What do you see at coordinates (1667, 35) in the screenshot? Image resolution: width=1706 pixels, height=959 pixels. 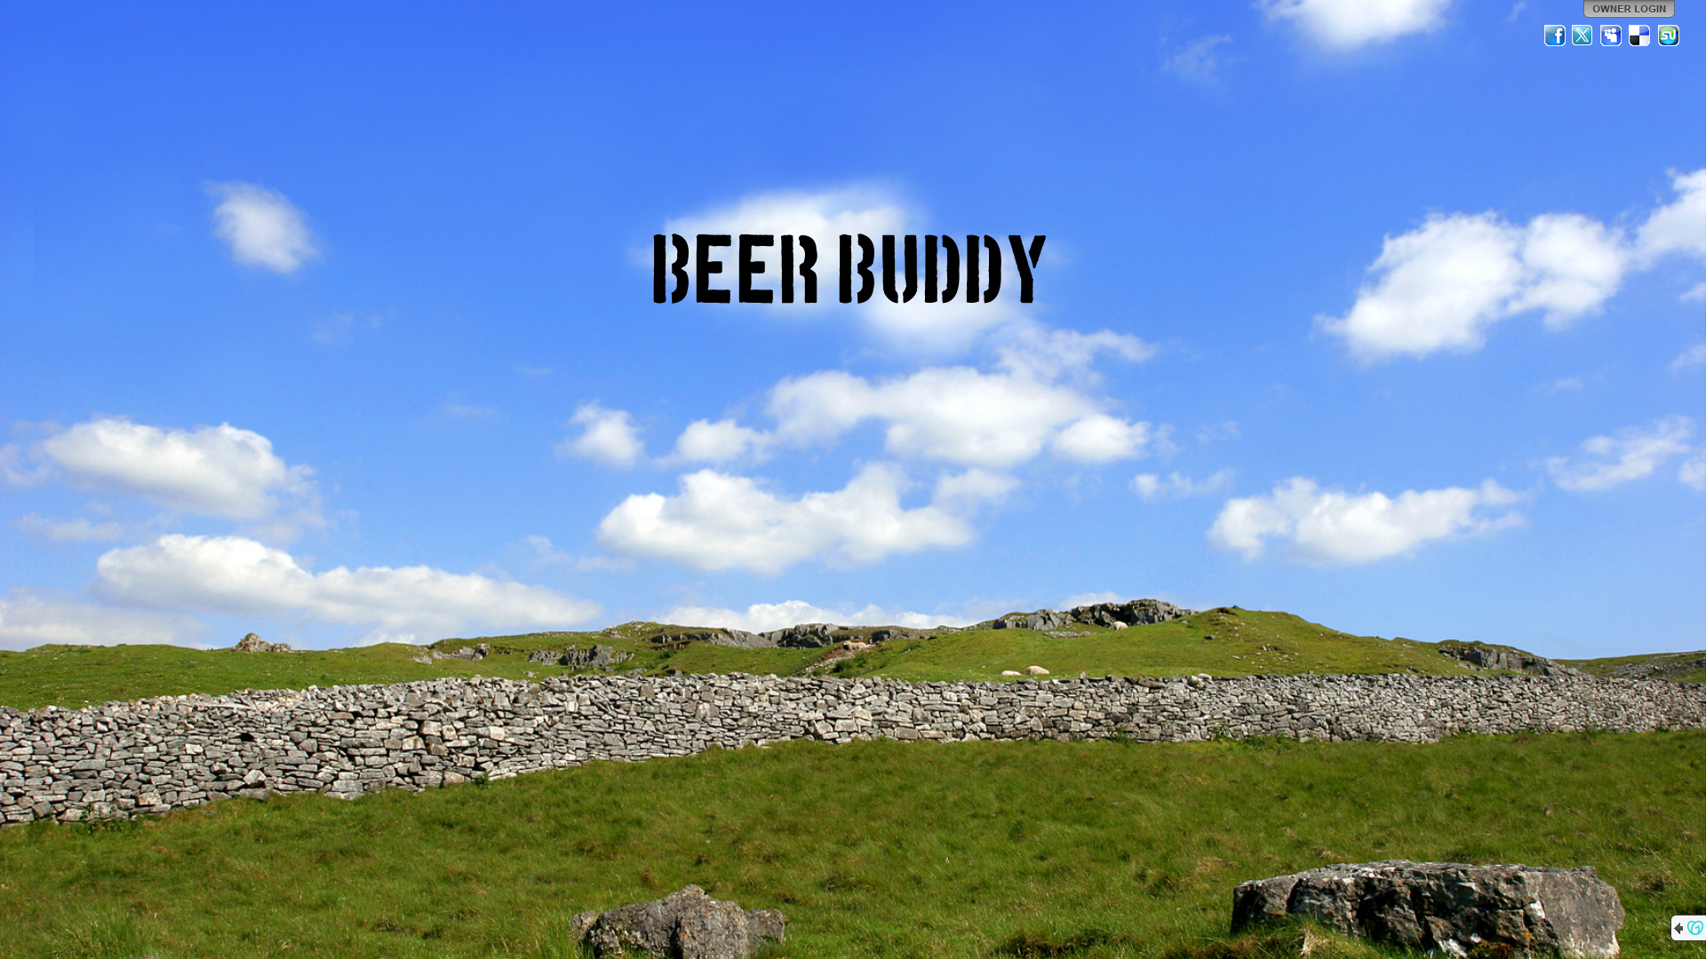 I see `'StumbleUpon'` at bounding box center [1667, 35].